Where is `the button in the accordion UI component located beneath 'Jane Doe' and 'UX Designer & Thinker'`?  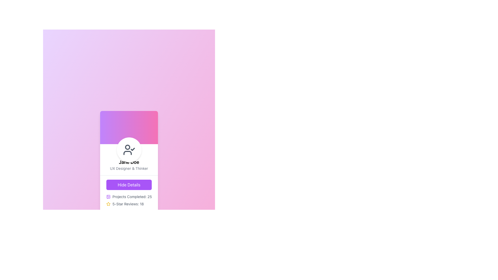 the button in the accordion UI component located beneath 'Jane Doe' and 'UX Designer & Thinker' is located at coordinates (129, 193).